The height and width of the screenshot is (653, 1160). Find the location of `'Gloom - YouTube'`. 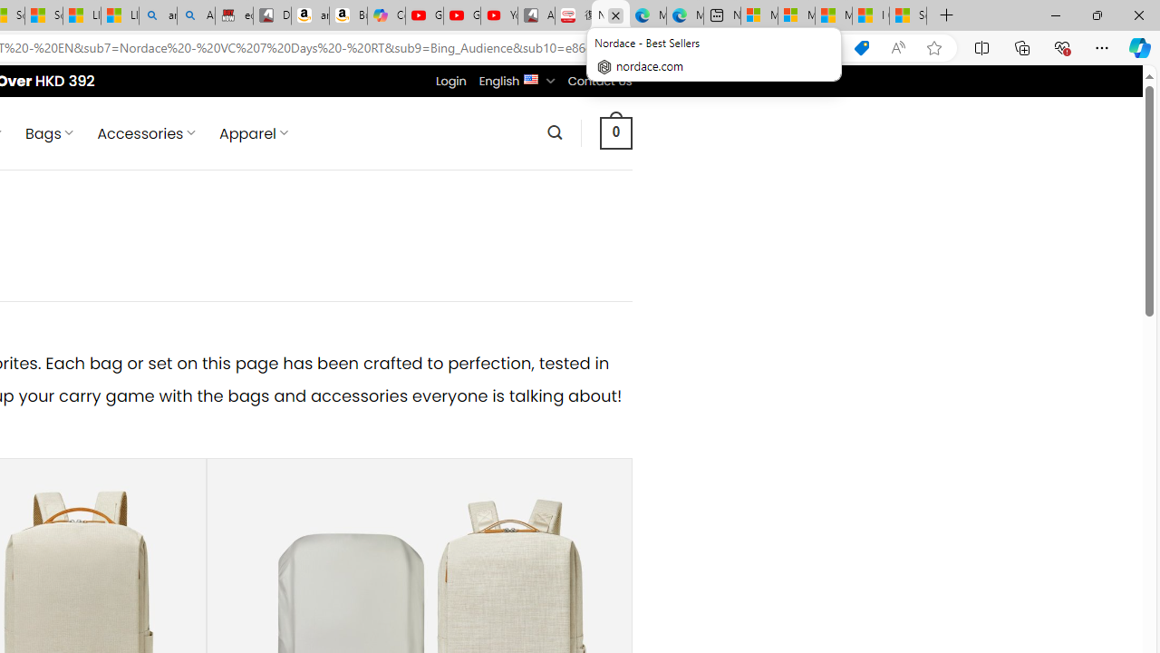

'Gloom - YouTube' is located at coordinates (462, 15).